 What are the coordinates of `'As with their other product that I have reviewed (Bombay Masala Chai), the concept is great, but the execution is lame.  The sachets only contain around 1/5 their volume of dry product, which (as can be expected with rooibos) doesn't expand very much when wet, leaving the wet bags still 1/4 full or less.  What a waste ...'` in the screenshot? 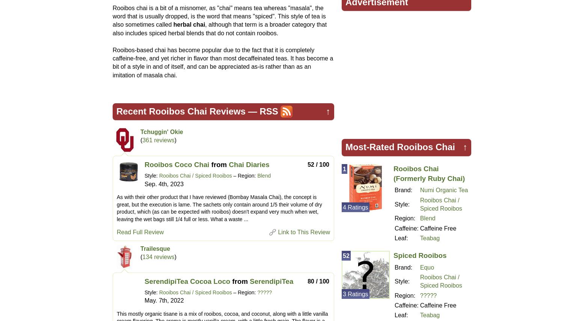 It's located at (219, 208).